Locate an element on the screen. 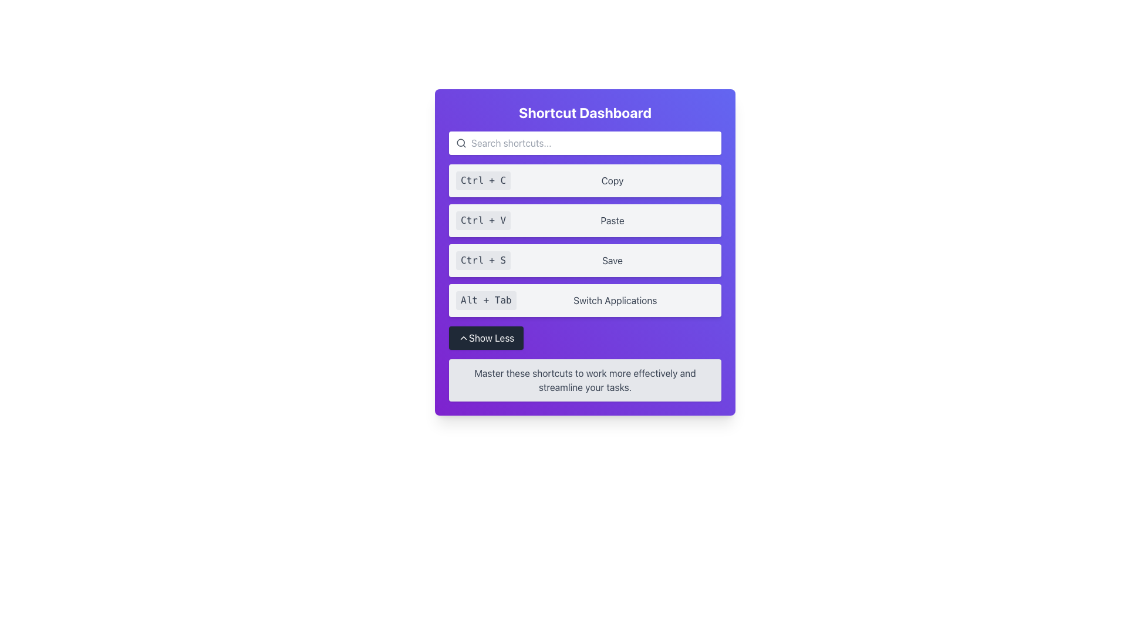 The height and width of the screenshot is (634, 1127). the 'Show Less' button with a dark gray background and white text is located at coordinates (486, 338).